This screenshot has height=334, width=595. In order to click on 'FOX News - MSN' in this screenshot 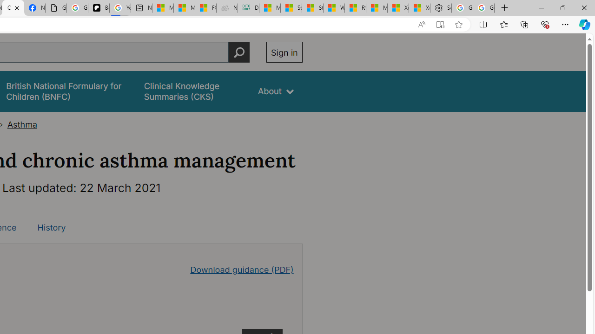, I will do `click(205, 8)`.